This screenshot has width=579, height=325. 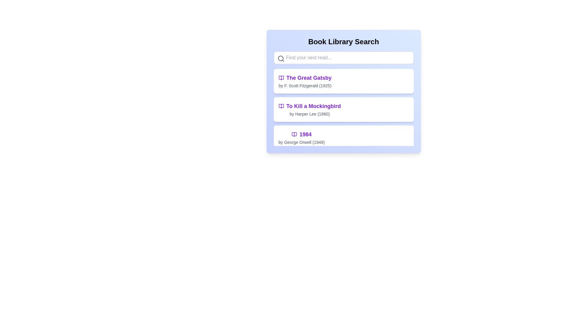 I want to click on the text label 'by George Orwell (1949)', which is styled in a smaller font and colored gray, located directly beneath the main title '1984' in the fourth listing of the interface, to interact with related elements above or below it, so click(x=301, y=142).